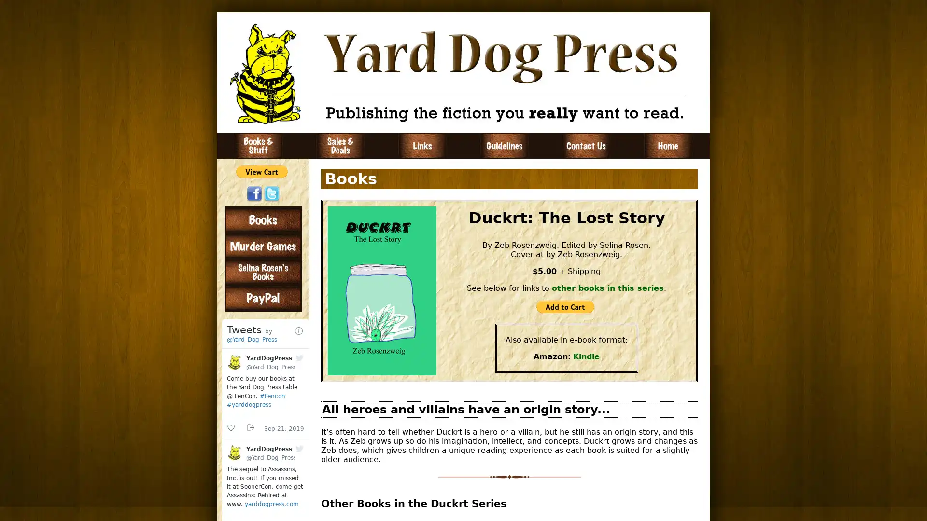 Image resolution: width=927 pixels, height=521 pixels. What do you see at coordinates (565, 307) in the screenshot?
I see `PayPal - The safer, easier way to pay online!` at bounding box center [565, 307].